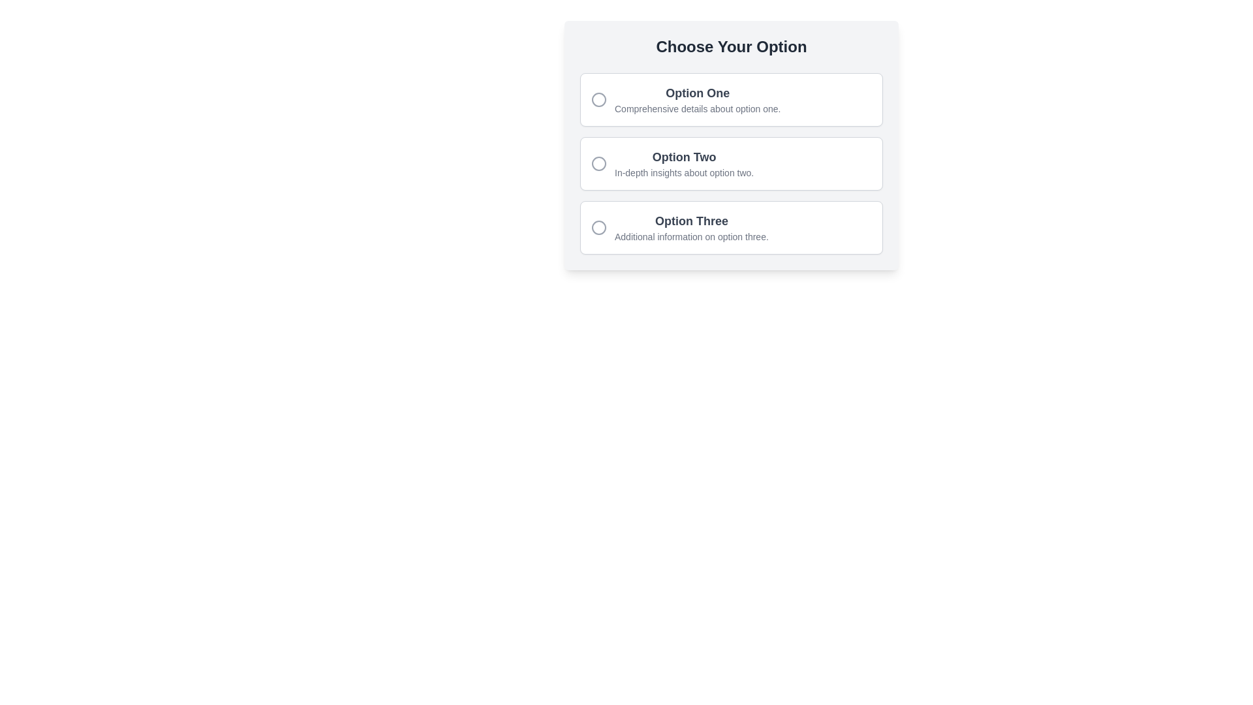 The width and height of the screenshot is (1253, 705). Describe the element at coordinates (683, 156) in the screenshot. I see `the text label displaying 'Option Two'` at that location.